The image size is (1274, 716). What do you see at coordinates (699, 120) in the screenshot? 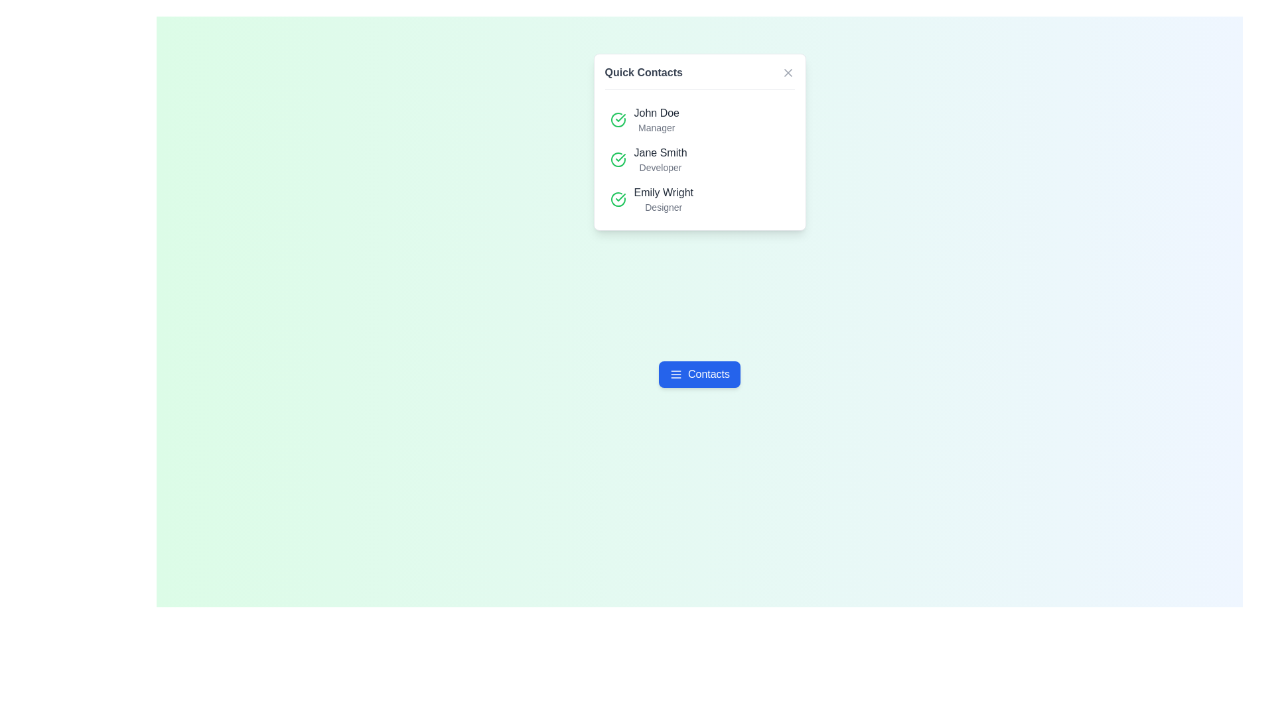
I see `the first list item displaying contact information for 'John Doe', who is the 'Manager', within the 'Quick Contacts' pop-up card` at bounding box center [699, 120].